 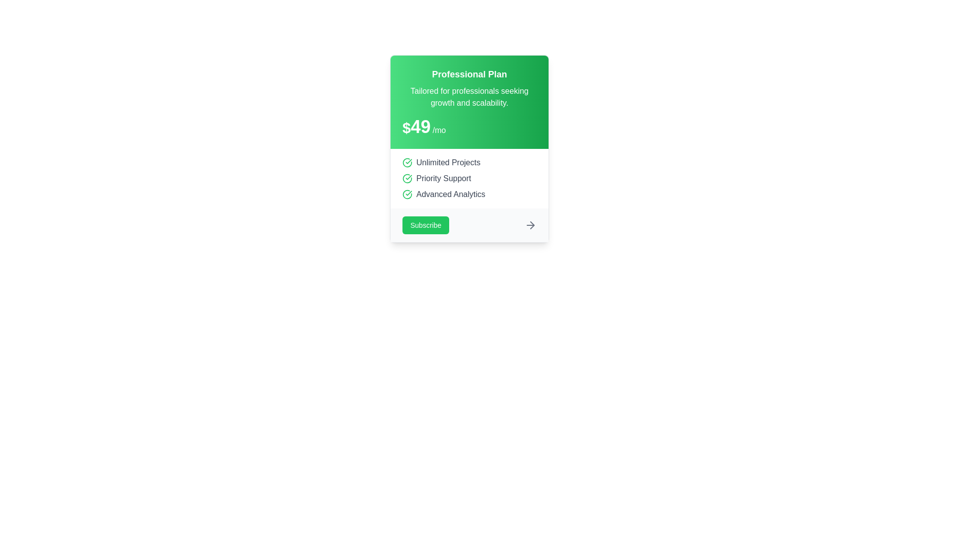 I want to click on the dollar sign ('$') symbol displayed in bold and large font within the green header section of the subscription card, which is part of the pricing display, so click(x=406, y=128).